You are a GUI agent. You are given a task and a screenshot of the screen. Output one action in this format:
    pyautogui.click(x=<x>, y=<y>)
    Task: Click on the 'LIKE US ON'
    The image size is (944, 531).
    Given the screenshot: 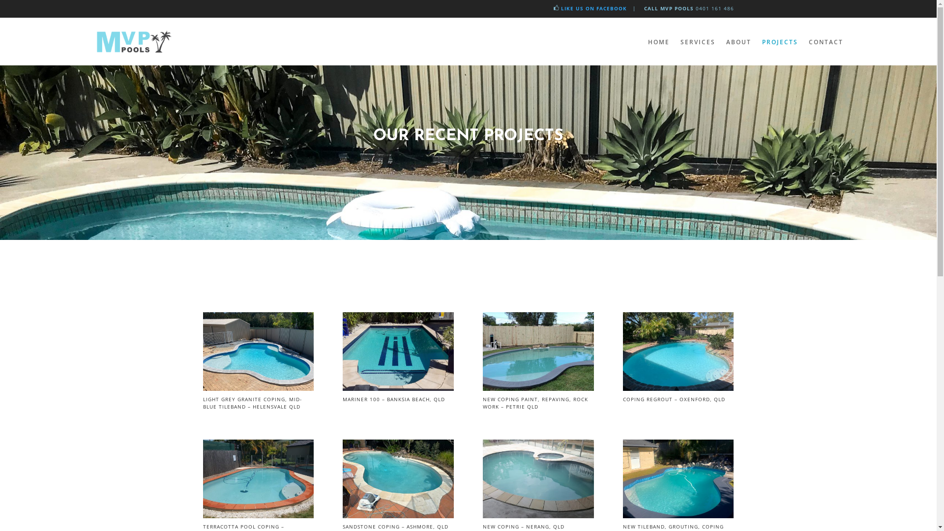 What is the action you would take?
    pyautogui.click(x=577, y=8)
    